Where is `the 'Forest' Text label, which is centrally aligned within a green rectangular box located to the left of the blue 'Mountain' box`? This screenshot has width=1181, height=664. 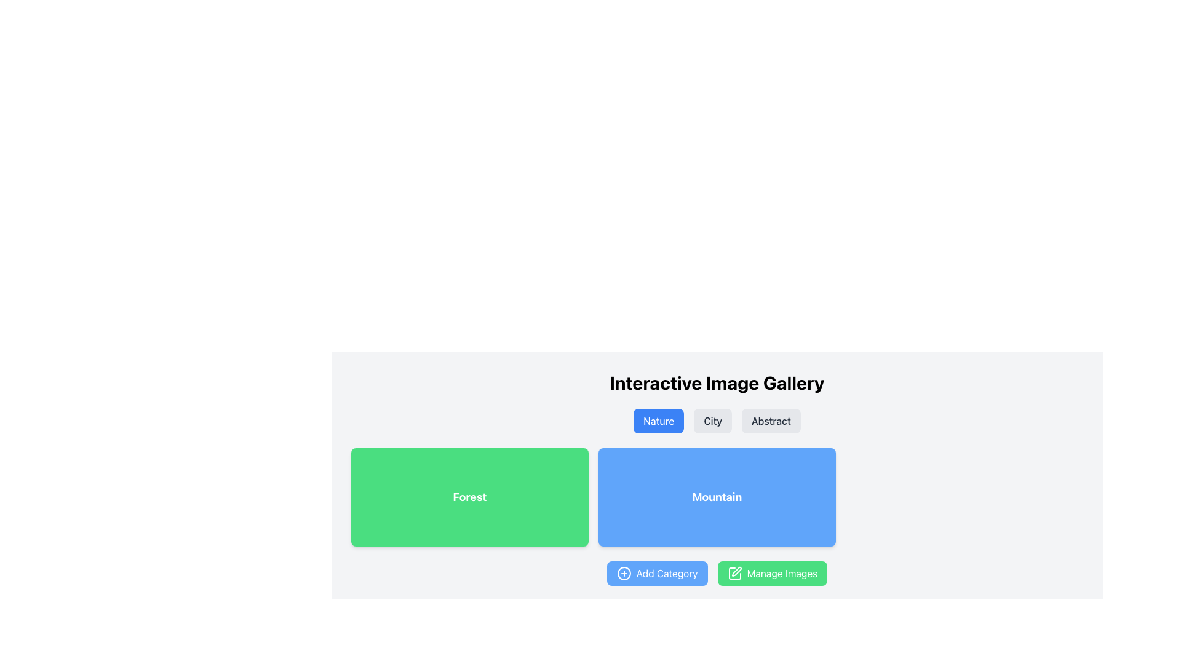
the 'Forest' Text label, which is centrally aligned within a green rectangular box located to the left of the blue 'Mountain' box is located at coordinates (469, 497).